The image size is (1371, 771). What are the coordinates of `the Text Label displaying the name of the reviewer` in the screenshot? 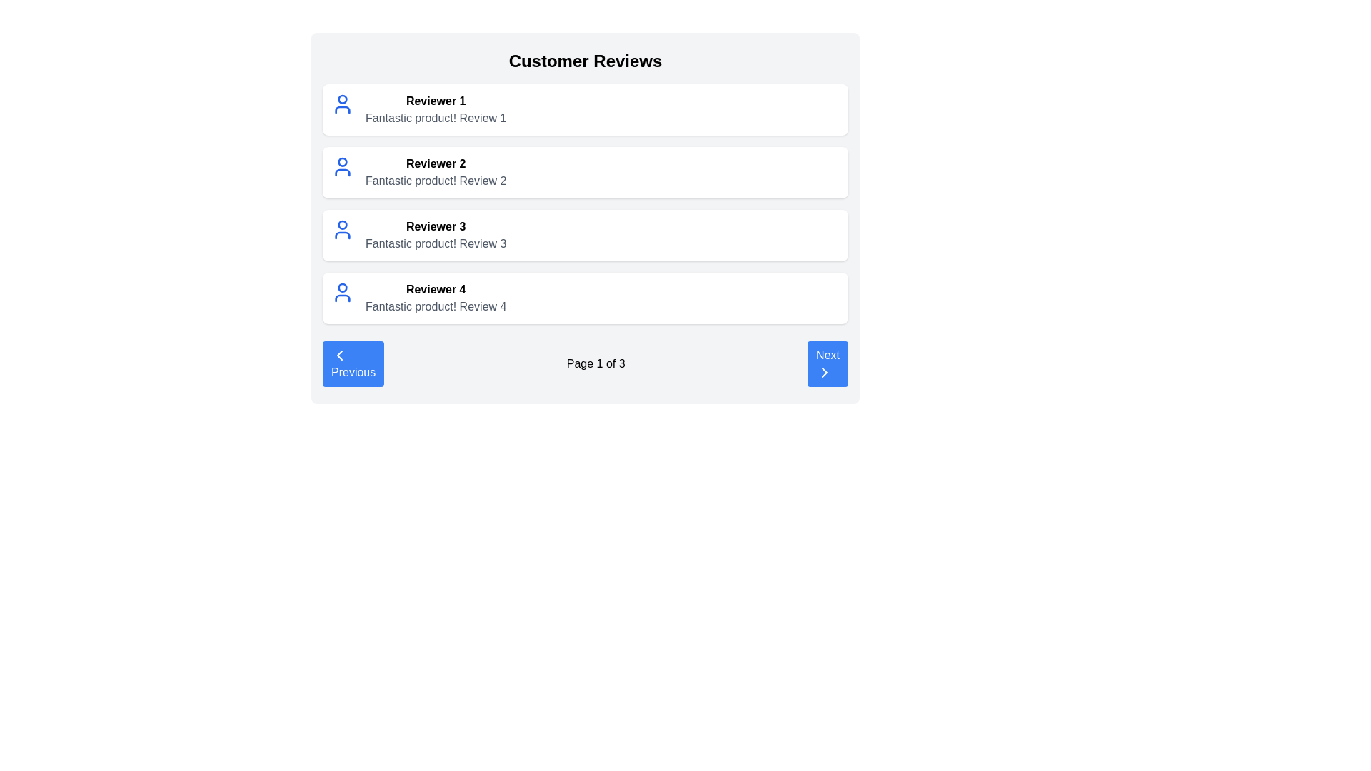 It's located at (435, 163).